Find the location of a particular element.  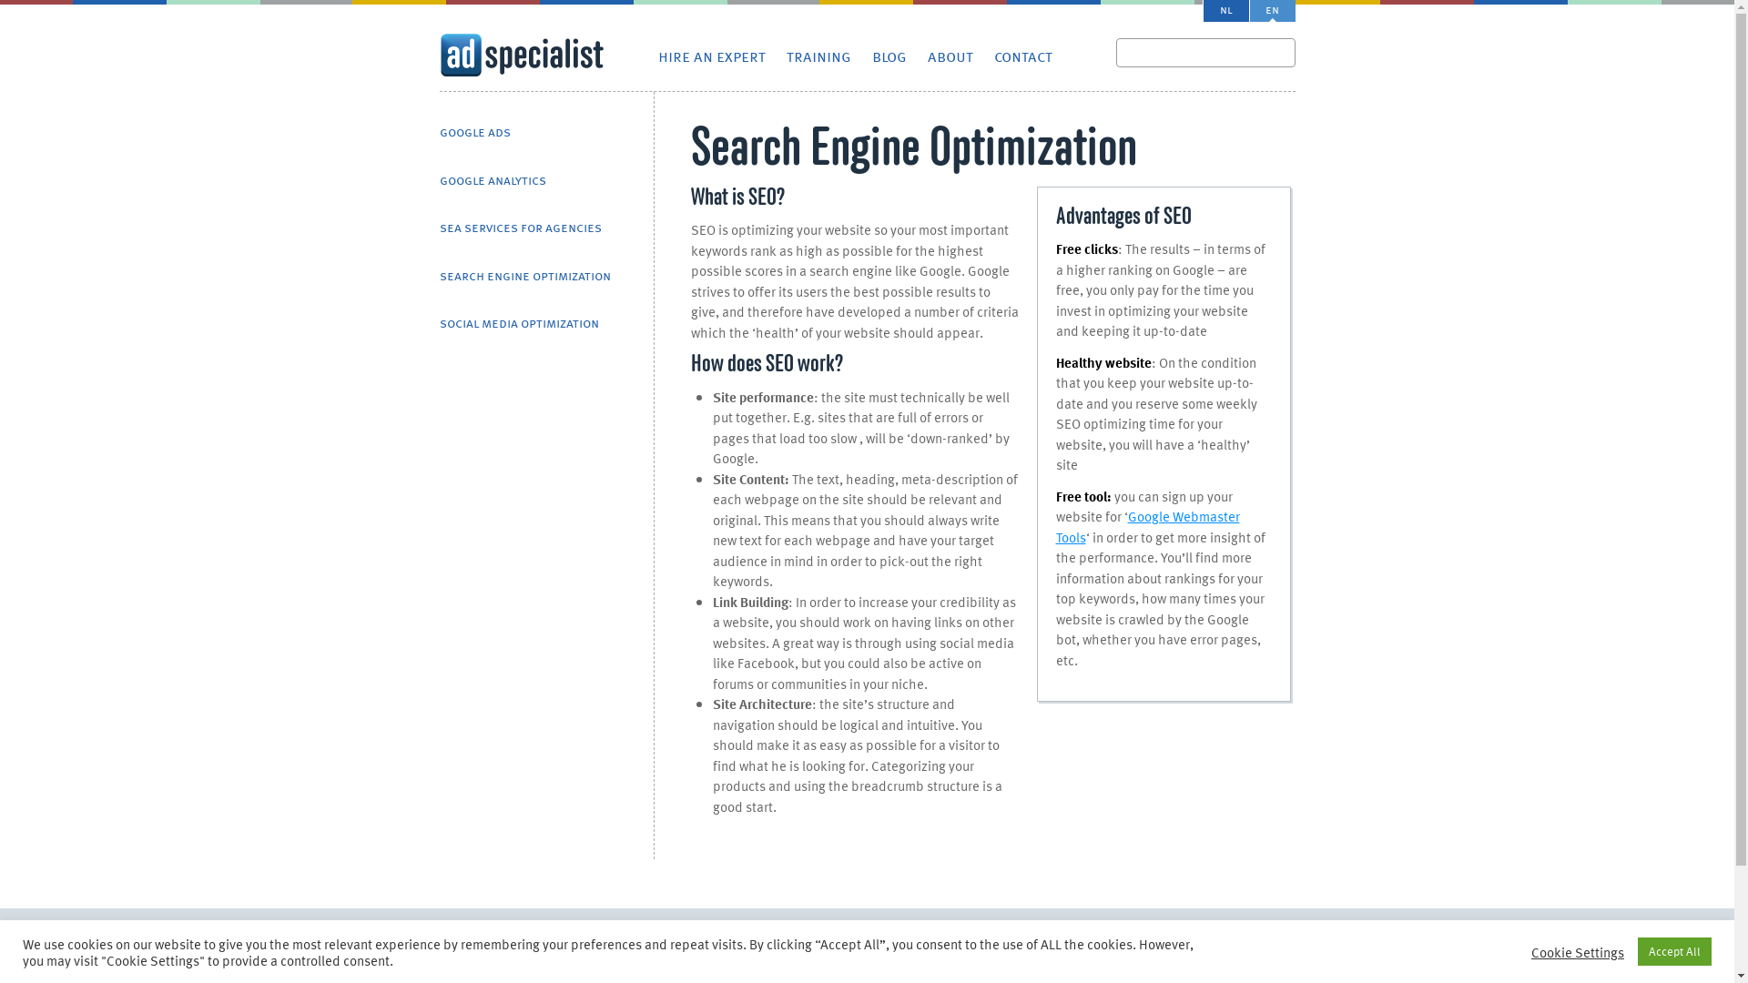

'sea services for agencies' is located at coordinates (519, 228).